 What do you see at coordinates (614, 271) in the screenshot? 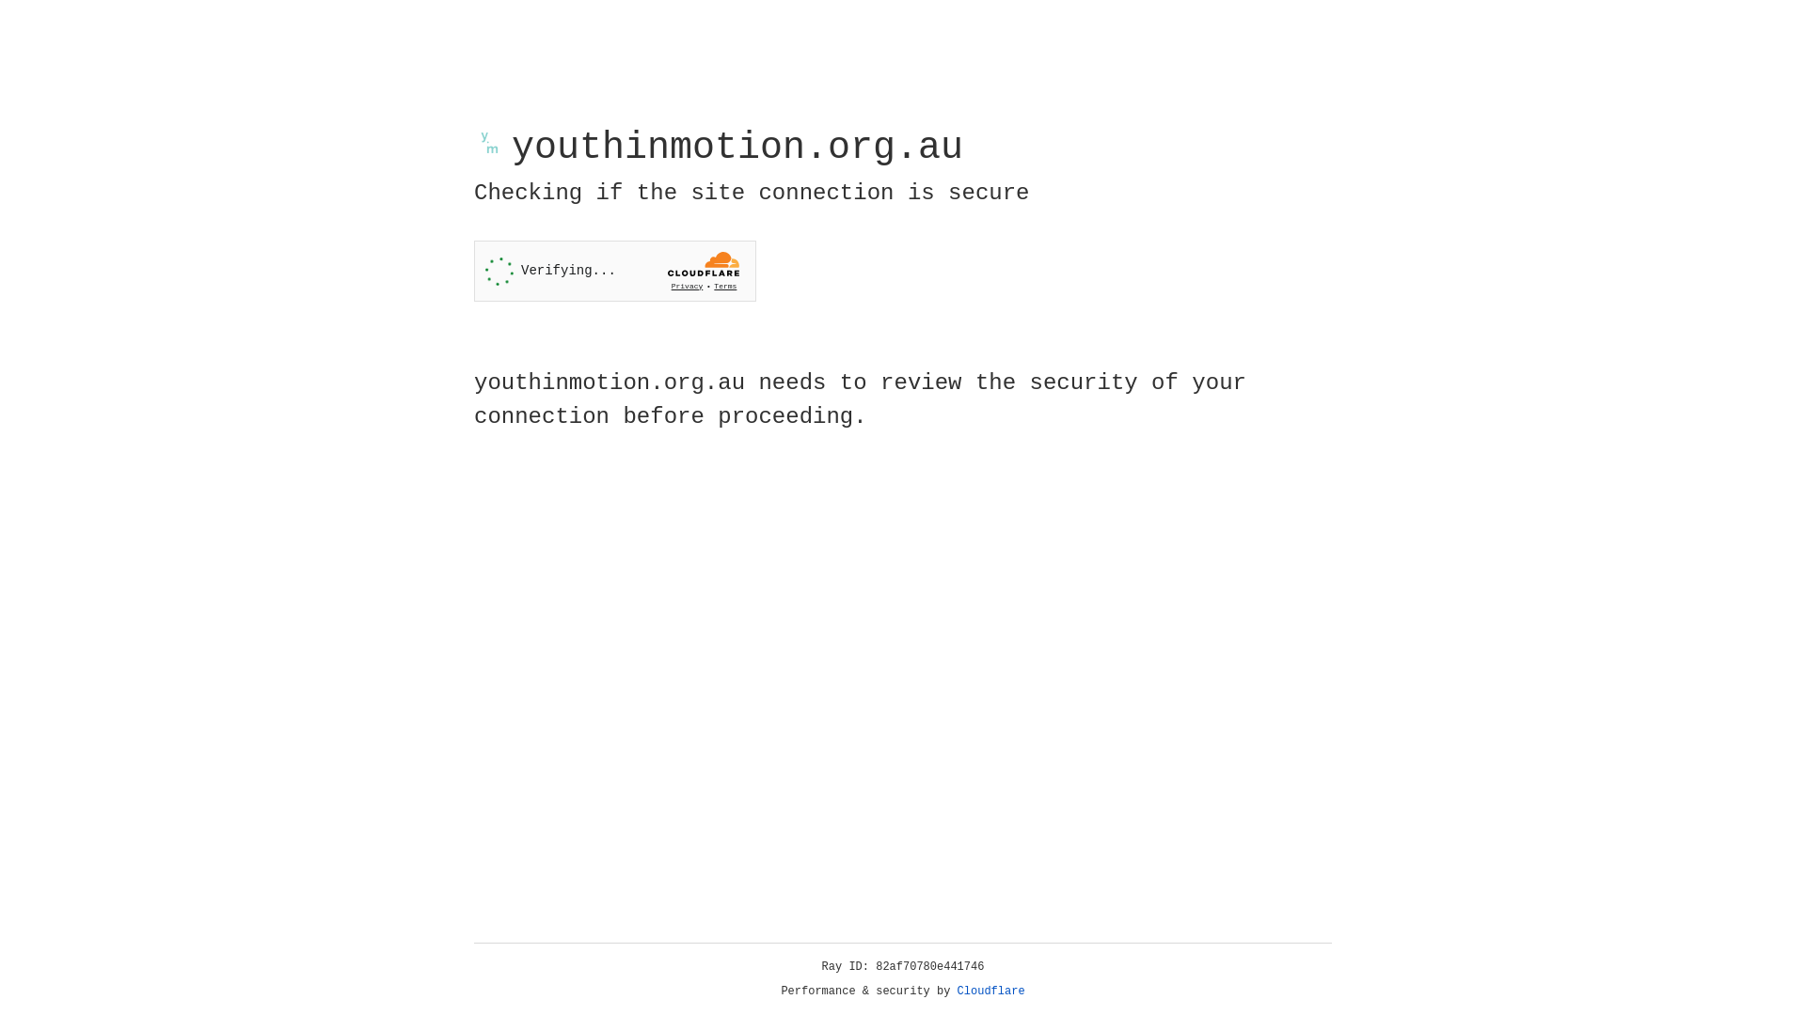
I see `'Widget containing a Cloudflare security challenge'` at bounding box center [614, 271].